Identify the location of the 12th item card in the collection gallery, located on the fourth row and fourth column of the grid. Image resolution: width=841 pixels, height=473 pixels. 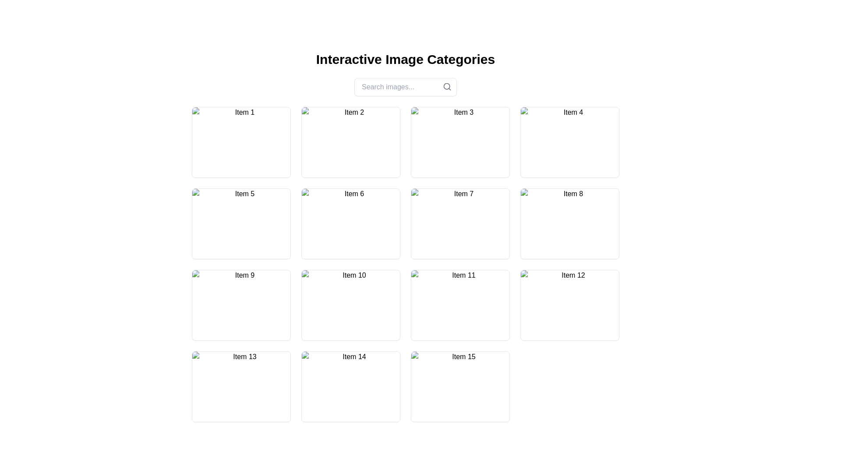
(569, 305).